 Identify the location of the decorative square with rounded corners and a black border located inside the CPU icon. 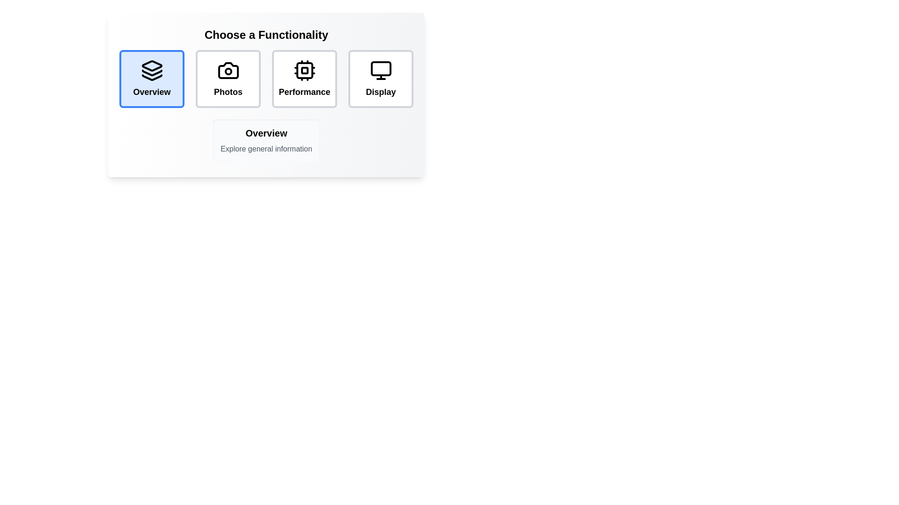
(304, 70).